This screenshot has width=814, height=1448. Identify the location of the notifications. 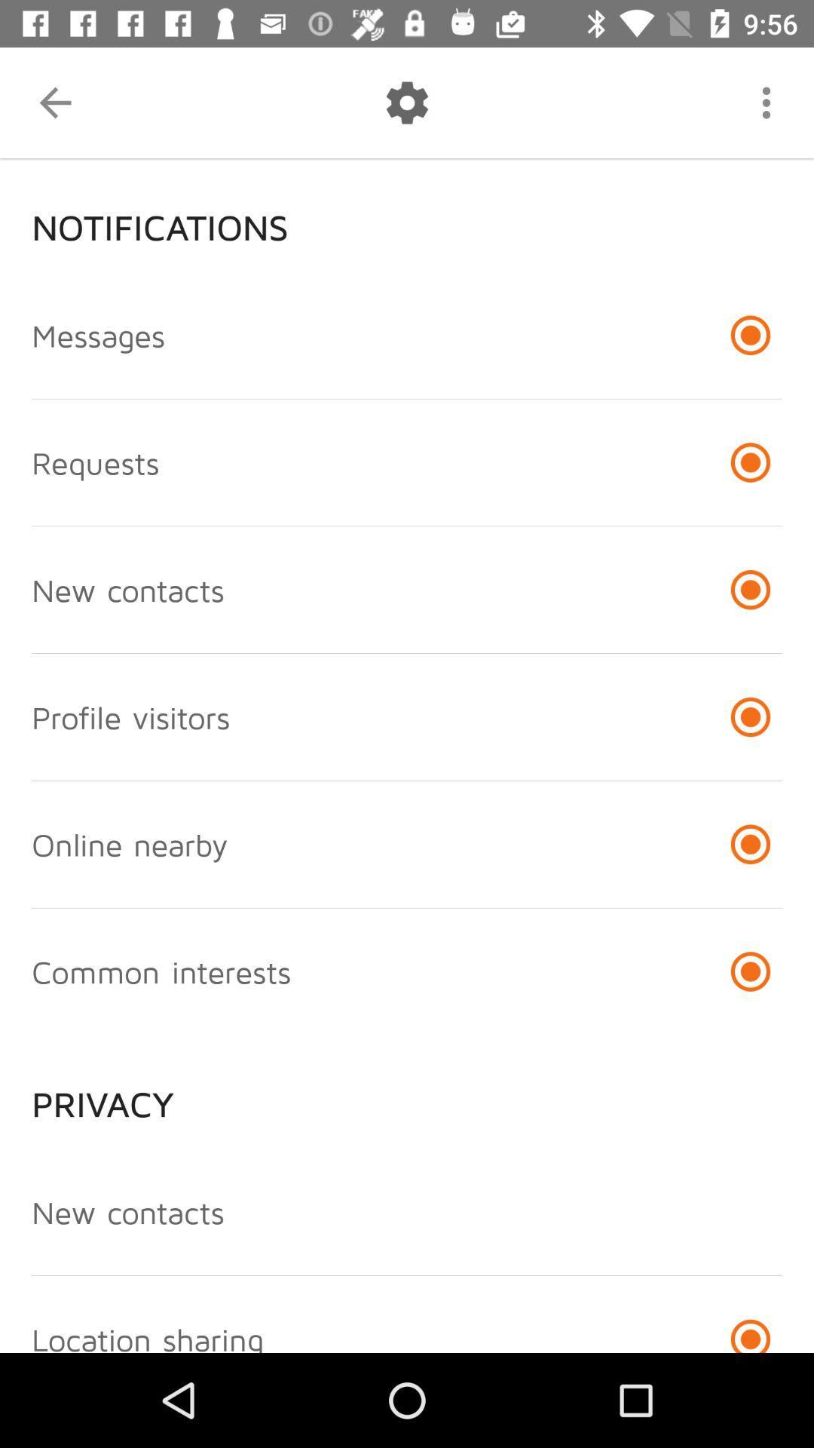
(407, 214).